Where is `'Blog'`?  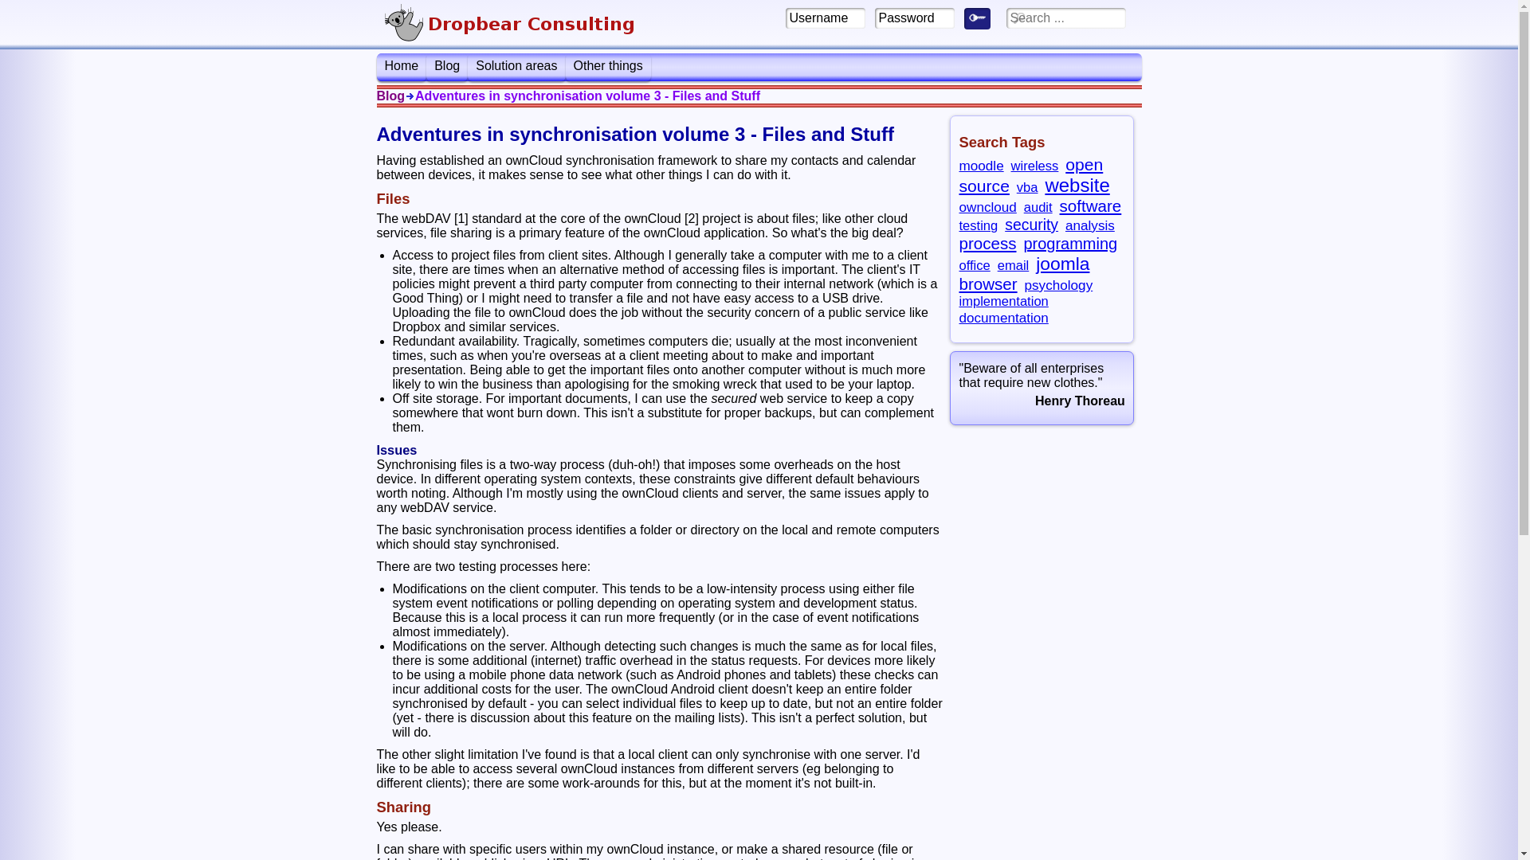
'Blog' is located at coordinates (446, 66).